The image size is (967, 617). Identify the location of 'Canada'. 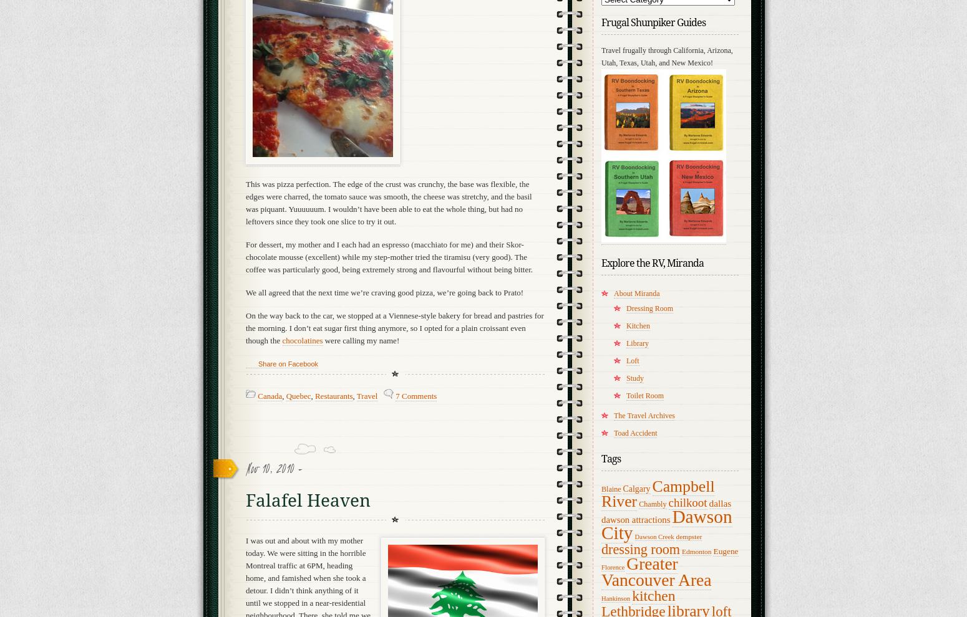
(270, 395).